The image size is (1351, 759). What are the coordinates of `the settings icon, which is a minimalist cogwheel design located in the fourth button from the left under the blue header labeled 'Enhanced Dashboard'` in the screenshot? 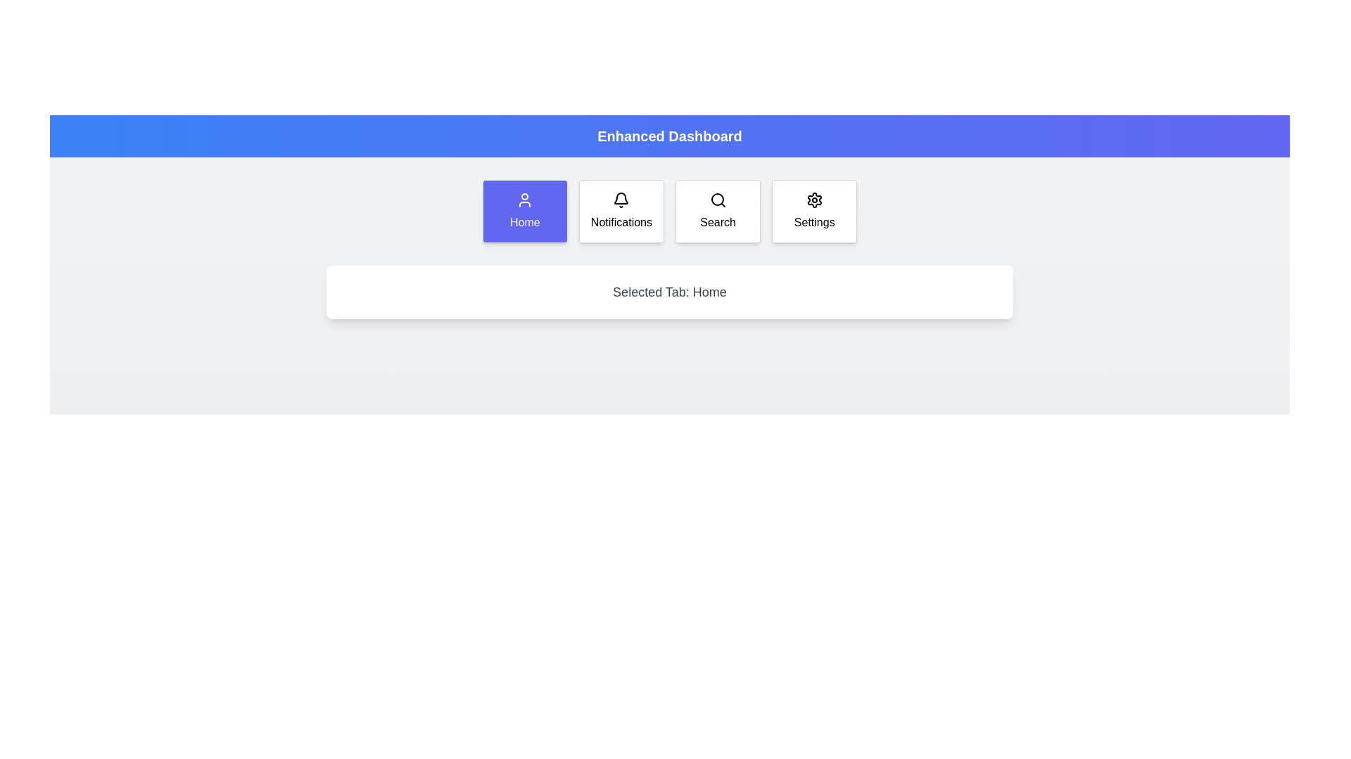 It's located at (814, 200).